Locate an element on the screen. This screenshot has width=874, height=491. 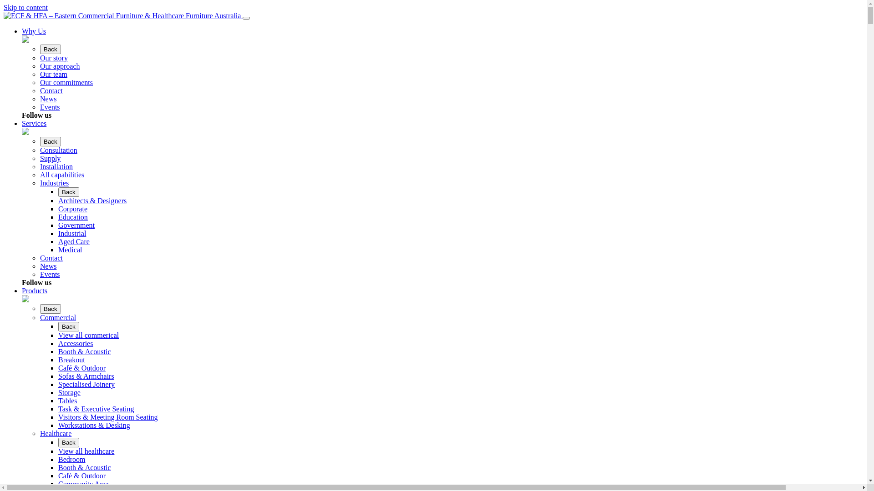
'Back' is located at coordinates (50, 49).